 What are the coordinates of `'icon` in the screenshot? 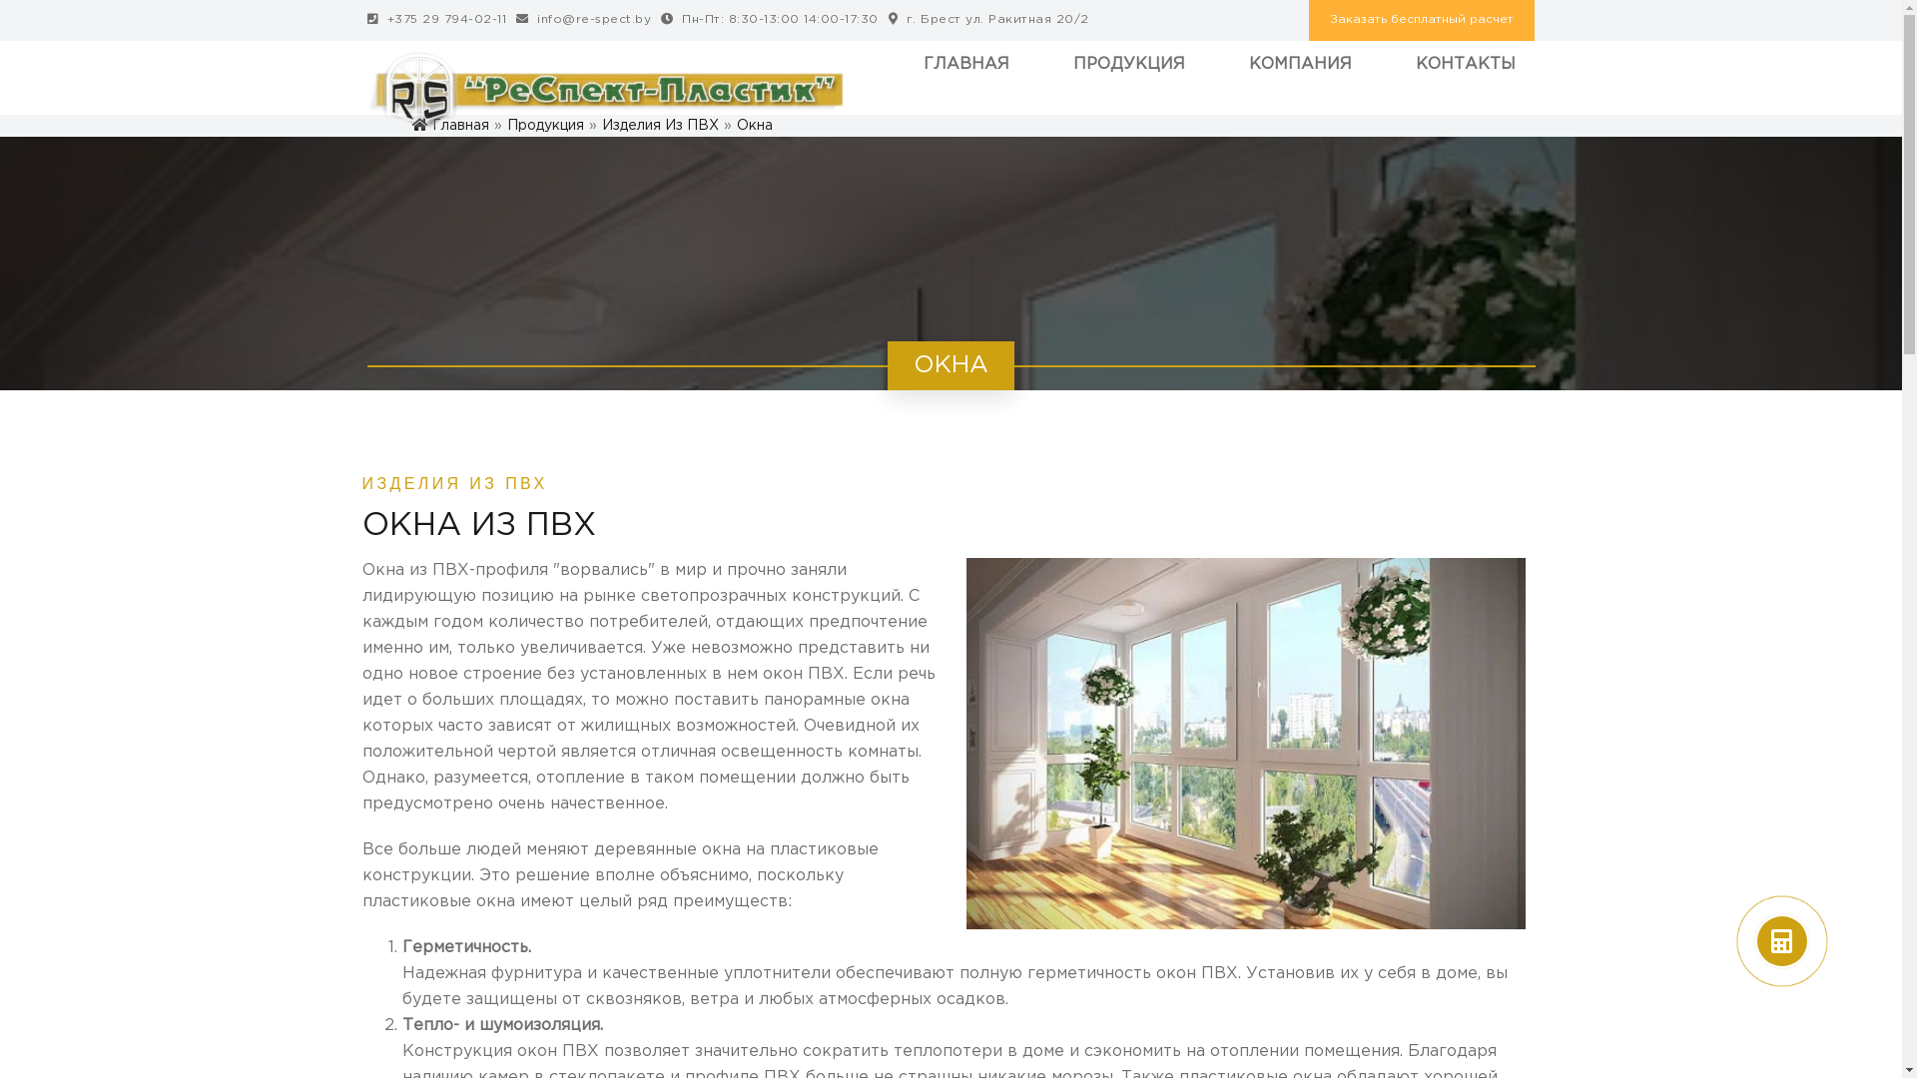 It's located at (582, 19).